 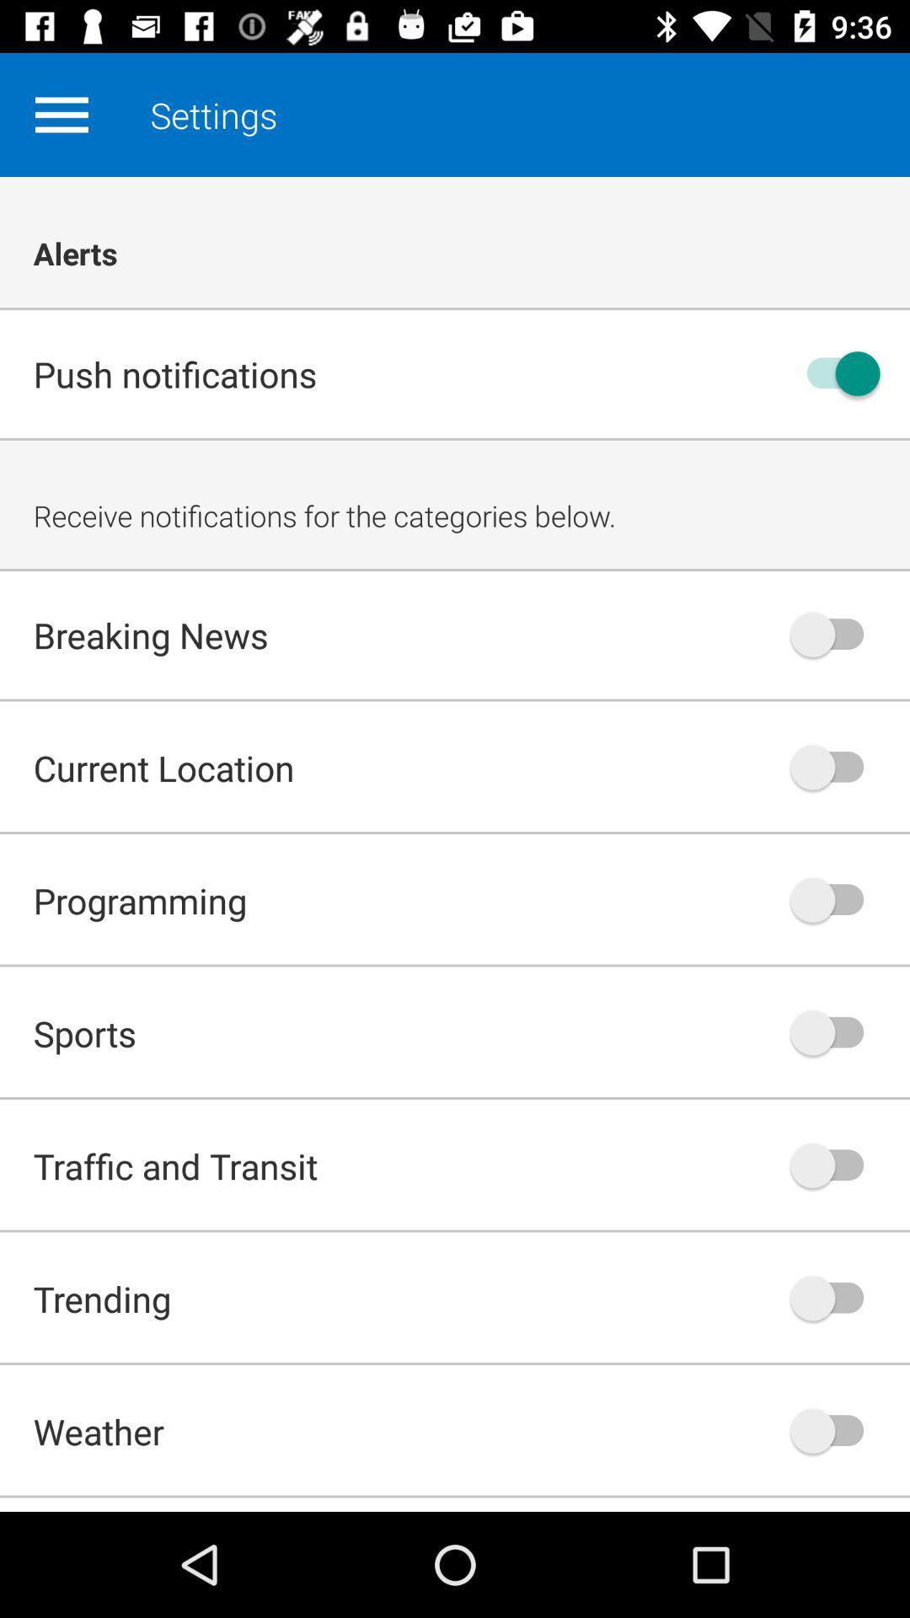 I want to click on activate sports, so click(x=835, y=1031).